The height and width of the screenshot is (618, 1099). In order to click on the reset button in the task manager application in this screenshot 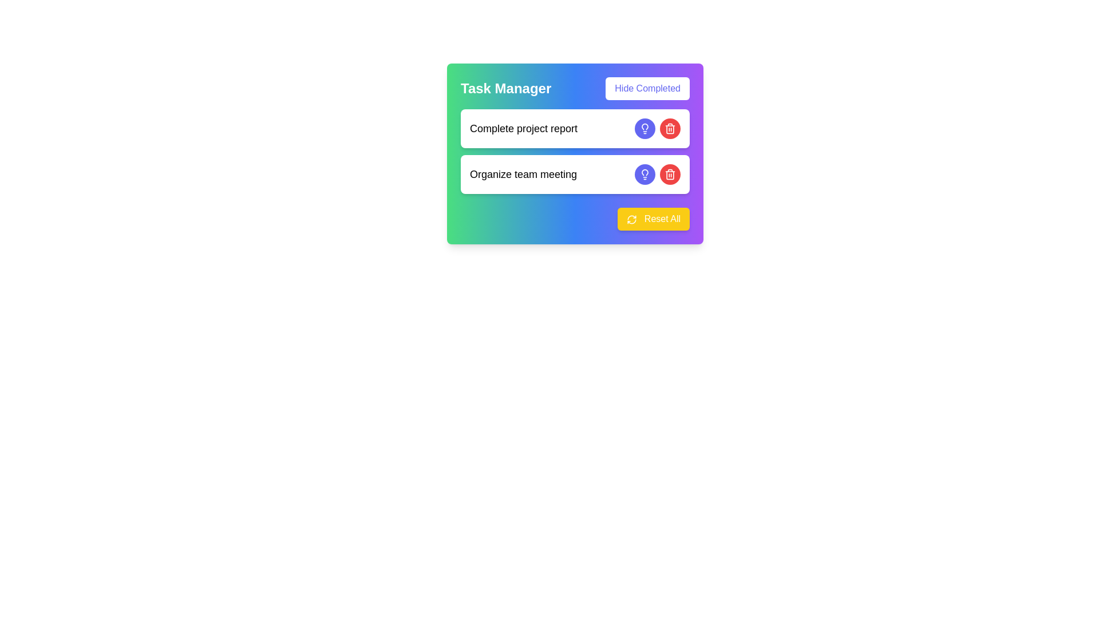, I will do `click(654, 219)`.